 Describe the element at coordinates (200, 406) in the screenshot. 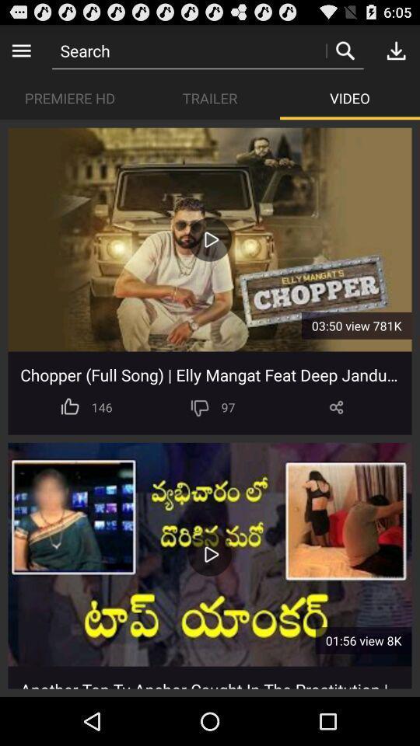

I see `thumbs down` at that location.